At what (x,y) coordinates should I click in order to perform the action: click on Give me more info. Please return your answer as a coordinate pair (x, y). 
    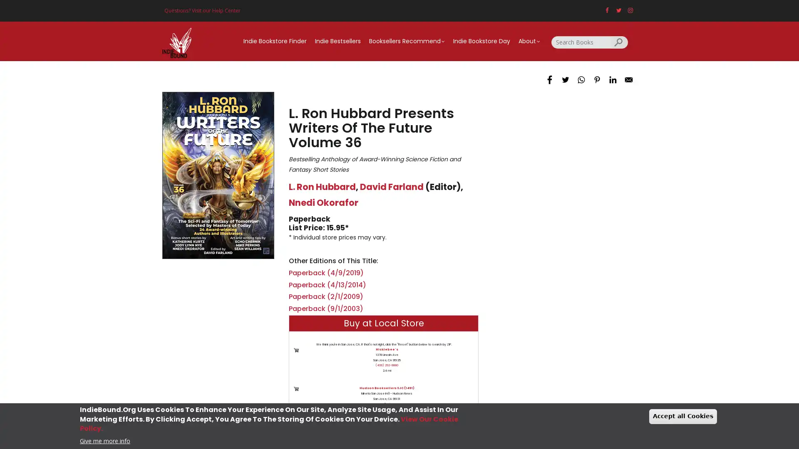
    Looking at the image, I should click on (104, 440).